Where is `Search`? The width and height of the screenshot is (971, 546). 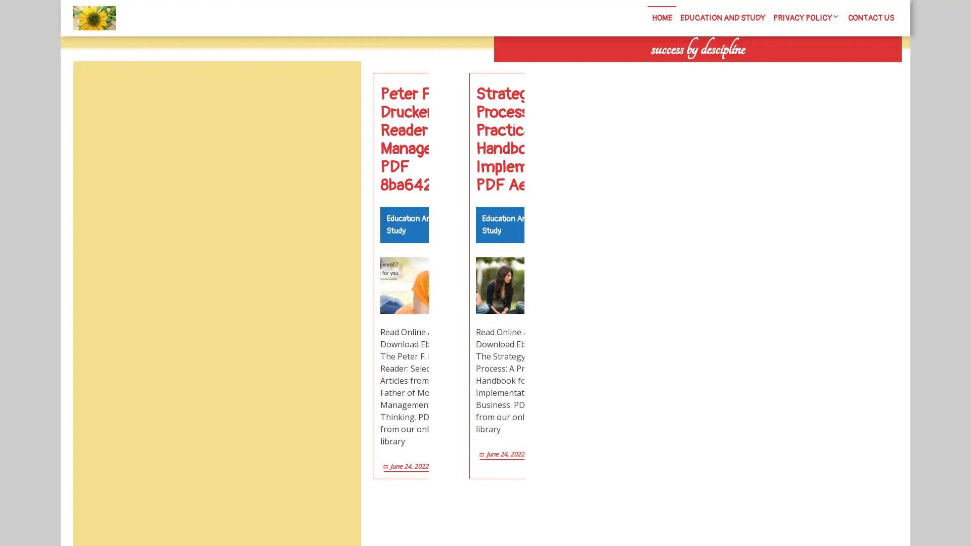
Search is located at coordinates (787, 71).